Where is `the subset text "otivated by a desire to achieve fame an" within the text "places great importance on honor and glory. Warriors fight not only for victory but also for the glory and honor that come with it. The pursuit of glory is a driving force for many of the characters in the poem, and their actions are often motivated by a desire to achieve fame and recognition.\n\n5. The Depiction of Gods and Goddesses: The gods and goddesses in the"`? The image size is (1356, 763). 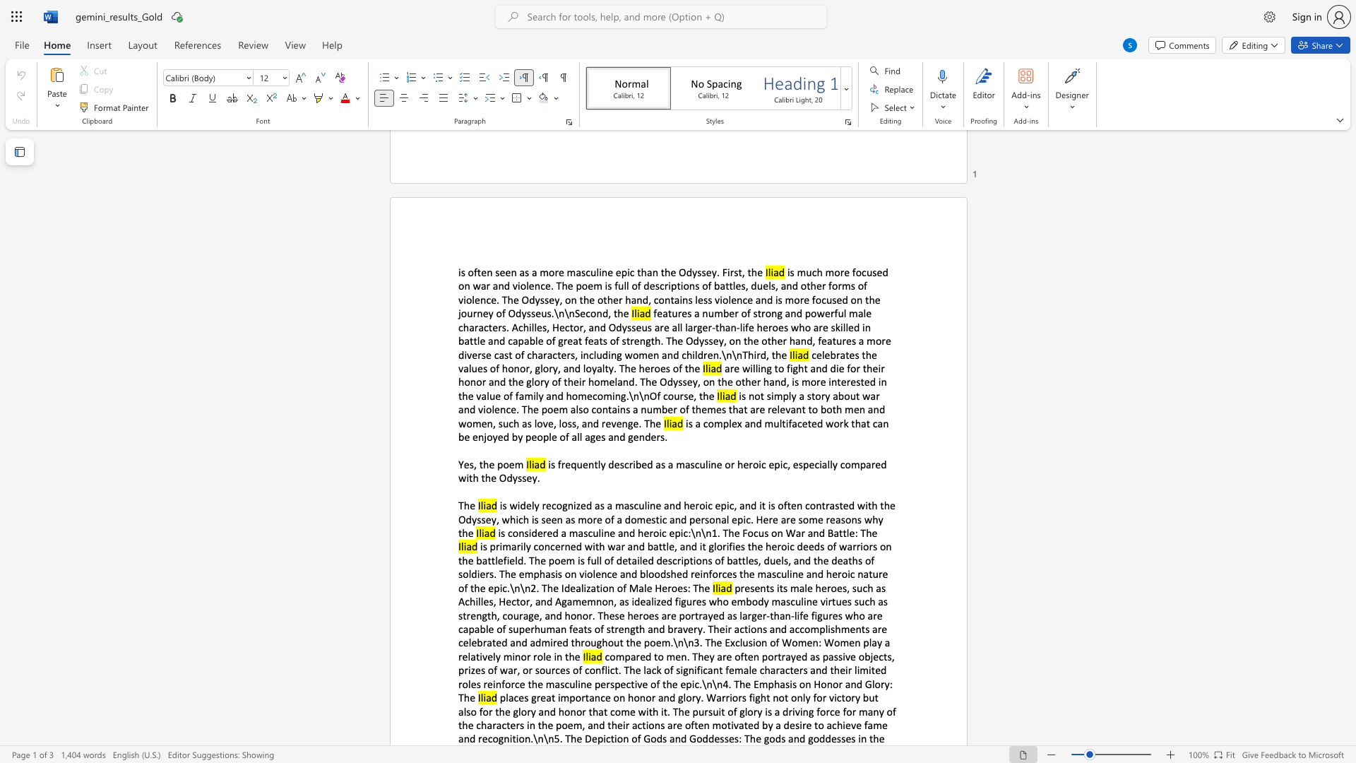
the subset text "otivated by a desire to achieve fame an" within the text "places great importance on honor and glory. Warriors fight not only for victory but also for the glory and honor that come with it. The pursuit of glory is a driving force for many of the characters in the poem, and their actions are often motivated by a desire to achieve fame and recognition.\n\n5. The Depiction of Gods and Goddesses: The gods and goddesses in the" is located at coordinates (721, 725).